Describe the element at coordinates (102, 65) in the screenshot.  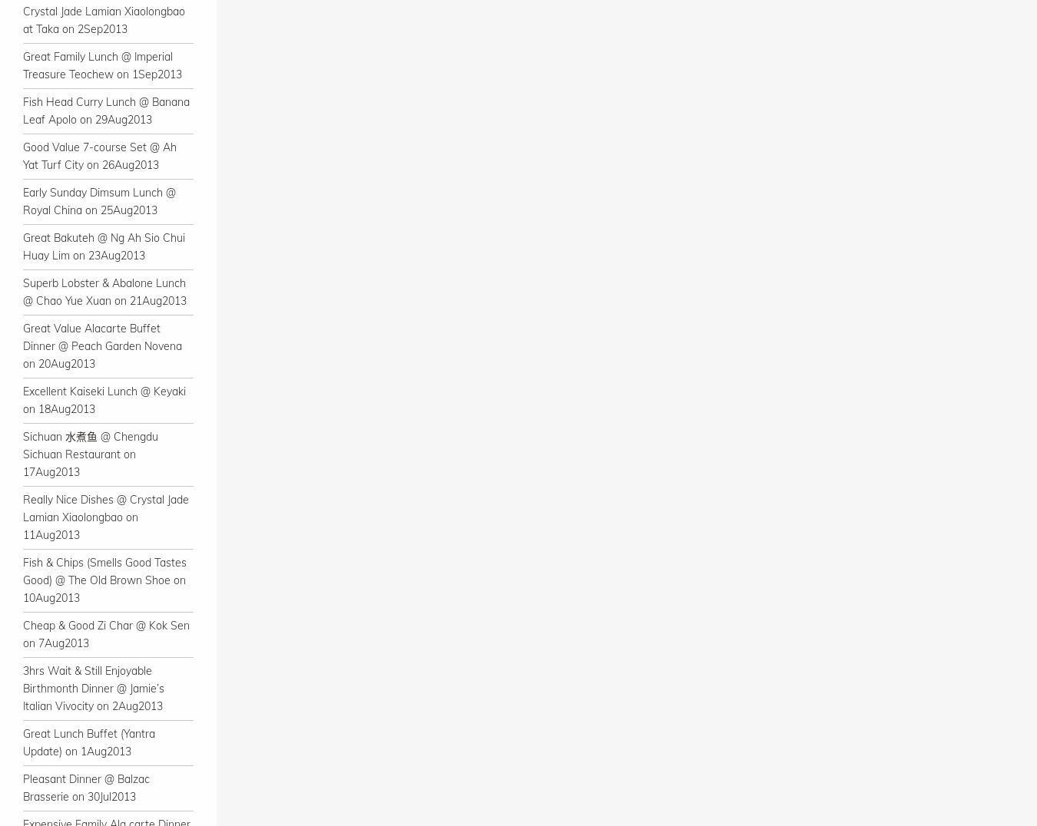
I see `'Great Family Lunch @ Imperial Treasure Teochew on 1Sep2013'` at that location.